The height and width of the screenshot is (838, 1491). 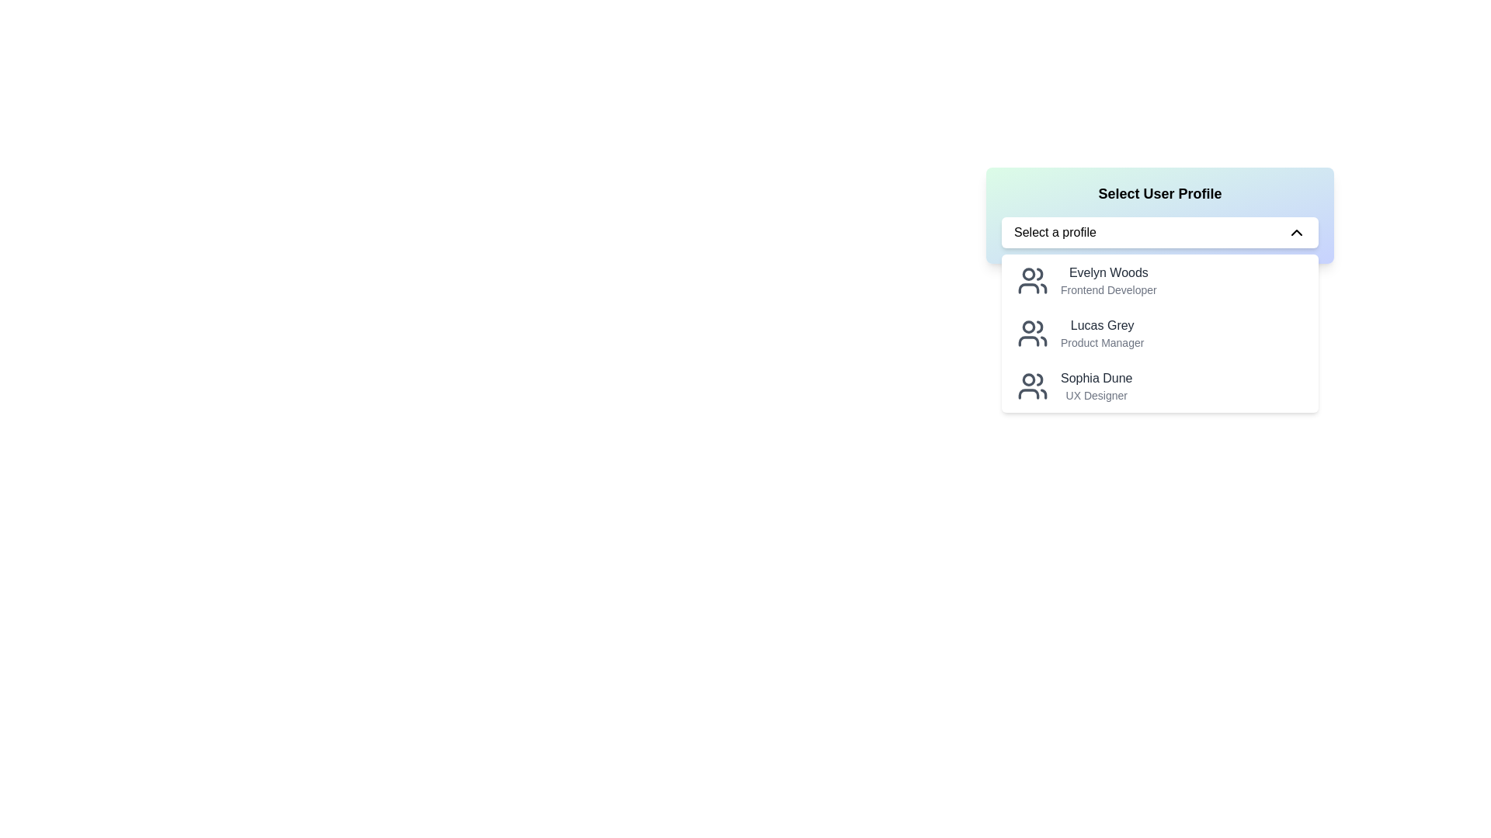 I want to click on the dropdown menu labeled 'Select a profile' to focus on it, so click(x=1159, y=233).